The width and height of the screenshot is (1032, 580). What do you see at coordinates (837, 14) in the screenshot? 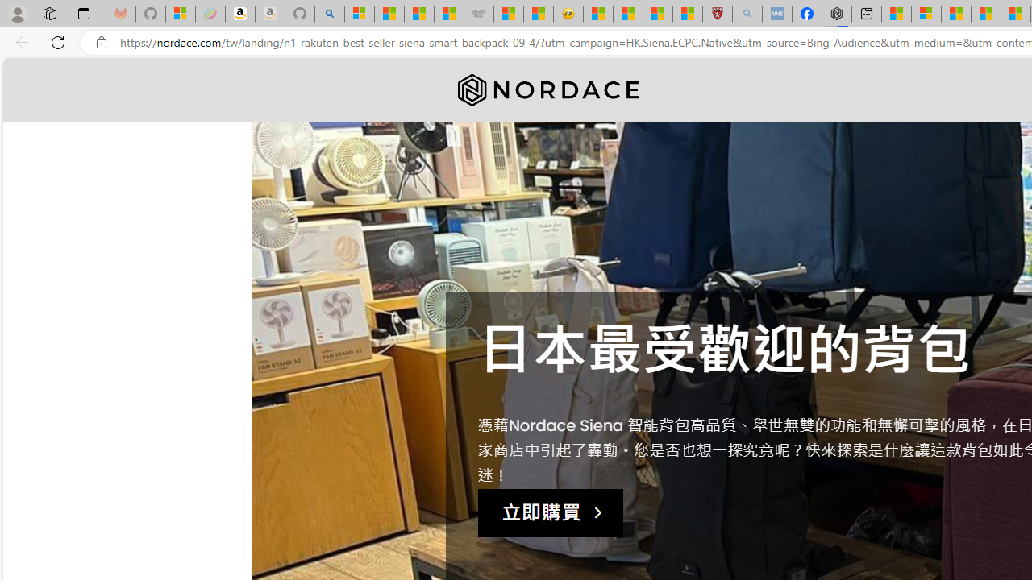
I see `'Nordace - Nordace Siena Is Not An Ordinary Backpack'` at bounding box center [837, 14].